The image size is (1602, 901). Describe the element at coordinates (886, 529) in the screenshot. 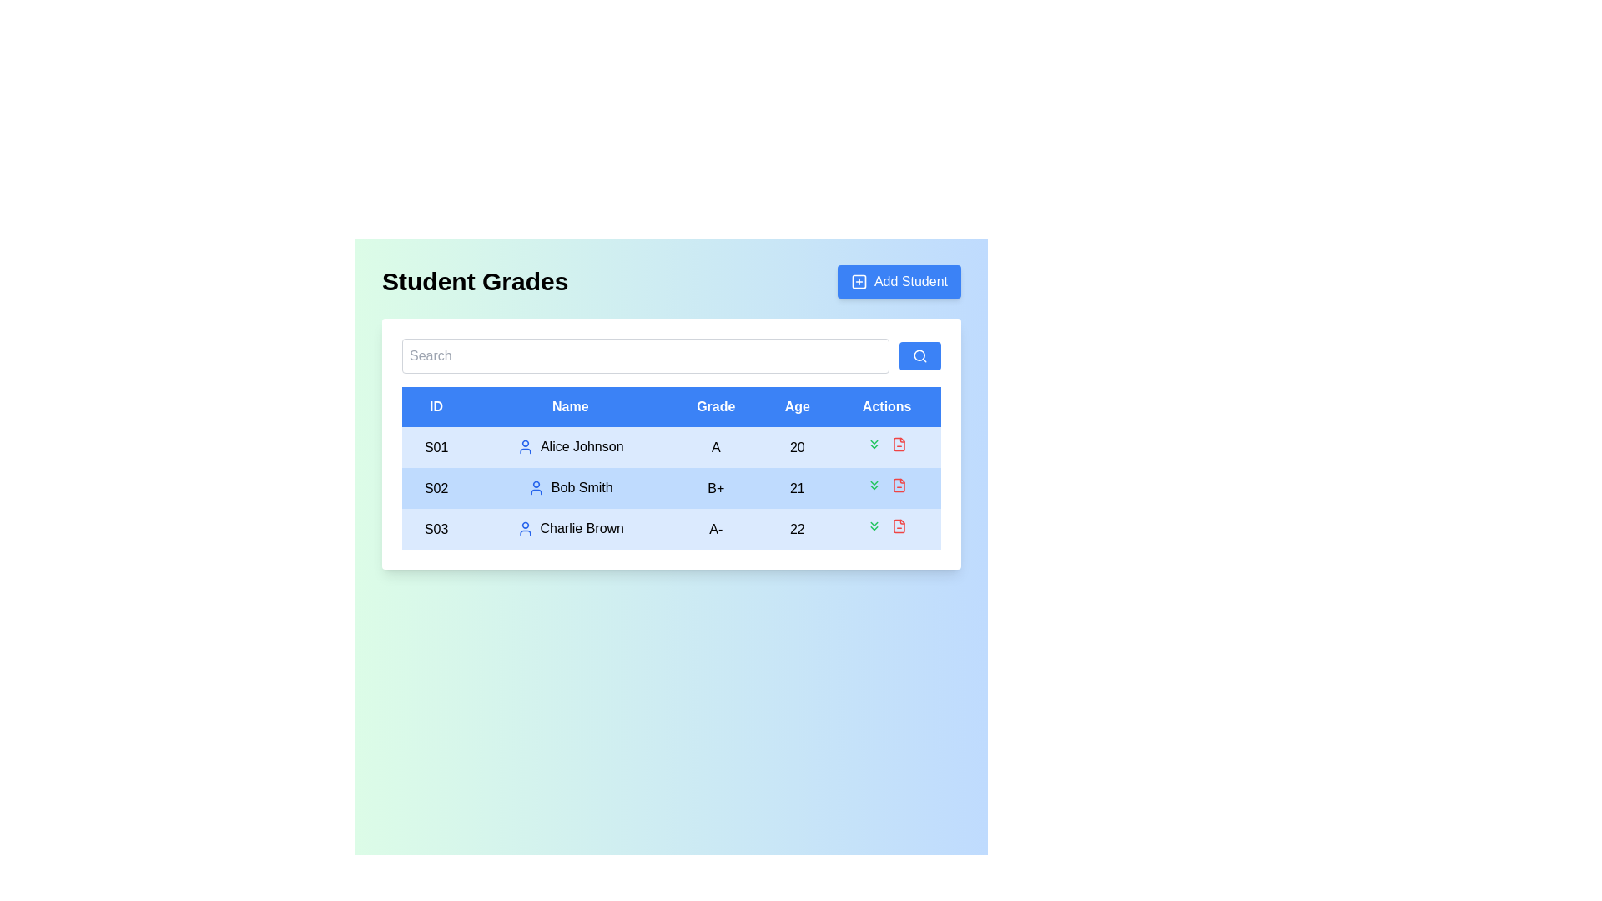

I see `the red document icon in the Actions column of the third row for the entry 'Charlie Brown'` at that location.